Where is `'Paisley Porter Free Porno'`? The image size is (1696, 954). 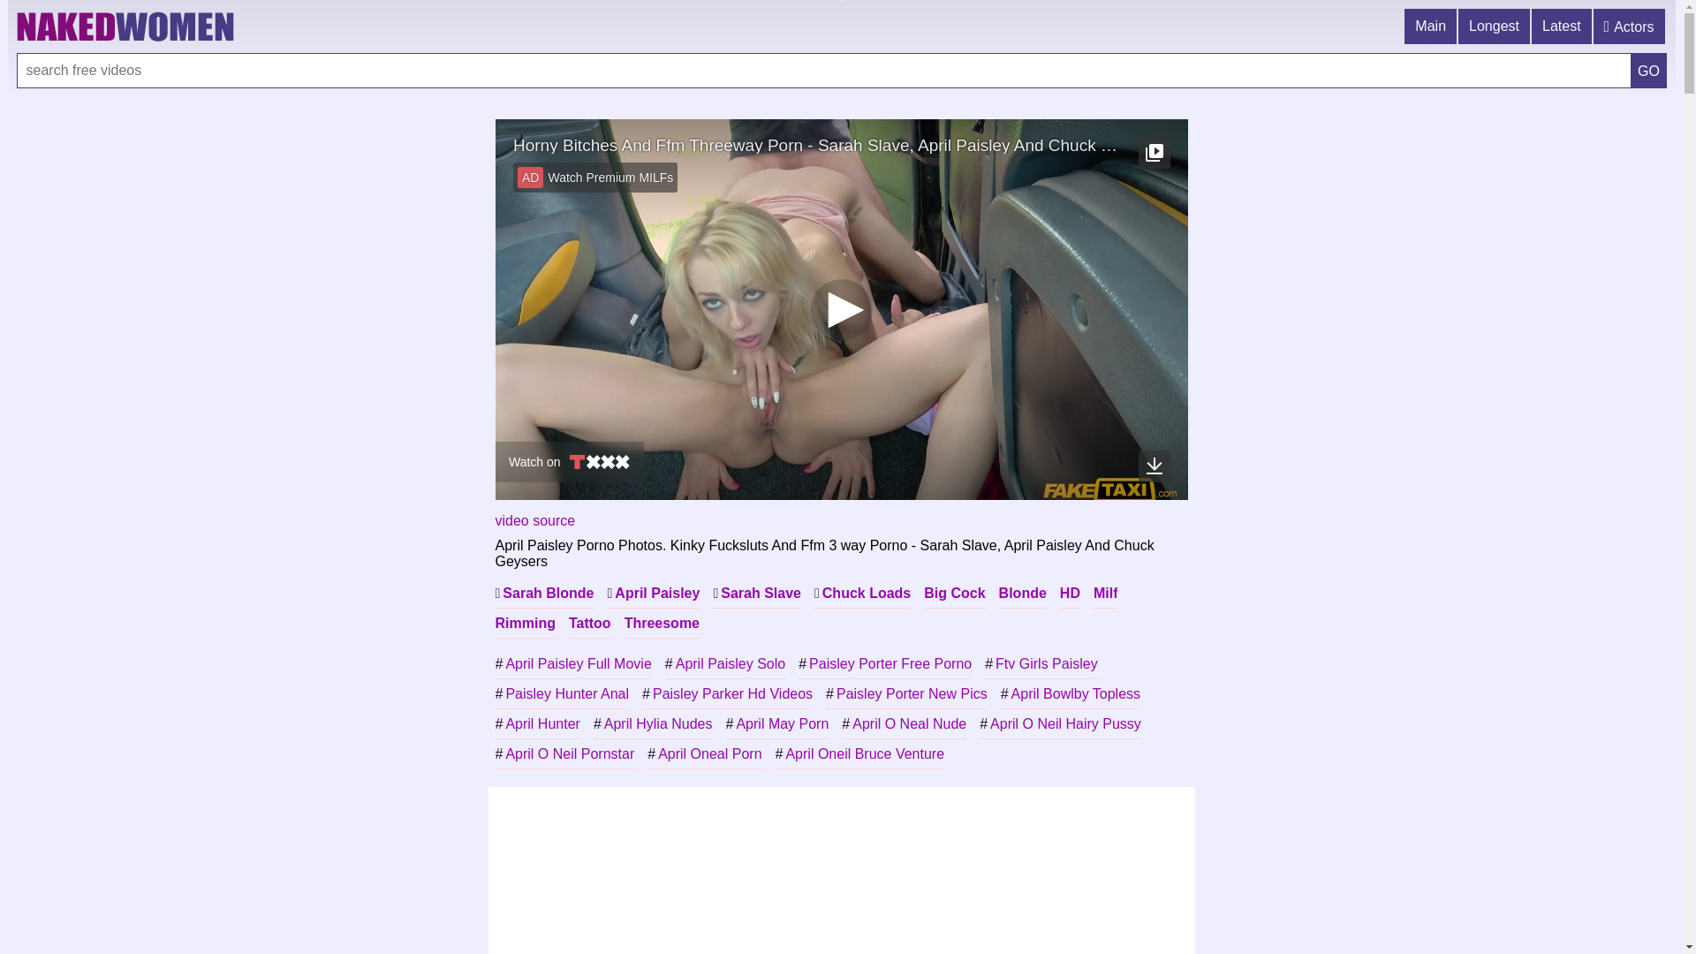
'Paisley Porter Free Porno' is located at coordinates (885, 664).